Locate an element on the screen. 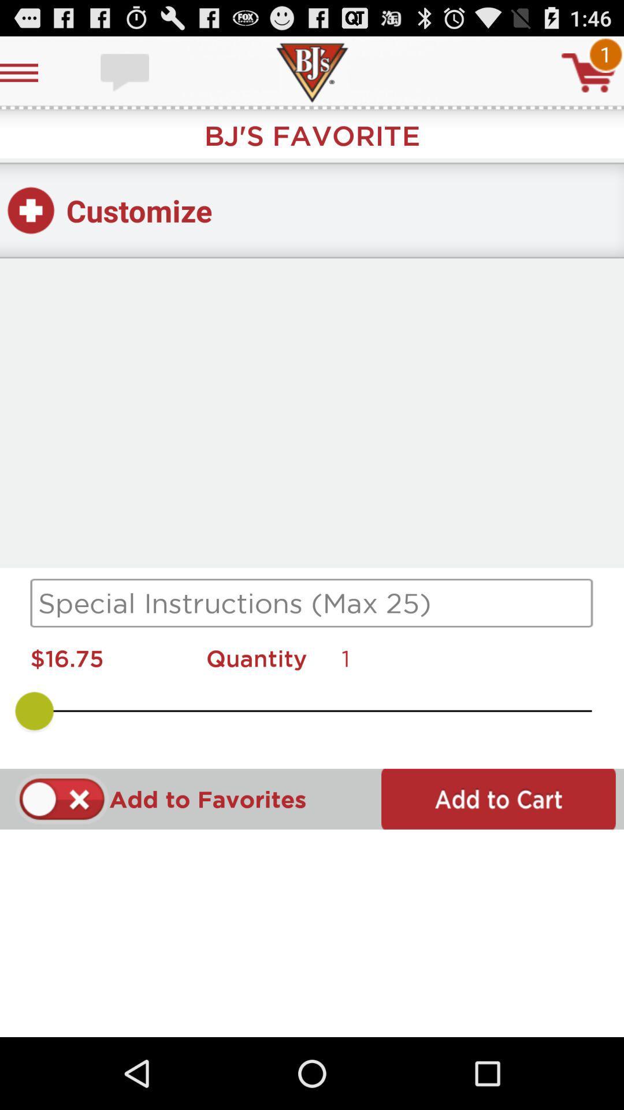  to cart is located at coordinates (497, 798).